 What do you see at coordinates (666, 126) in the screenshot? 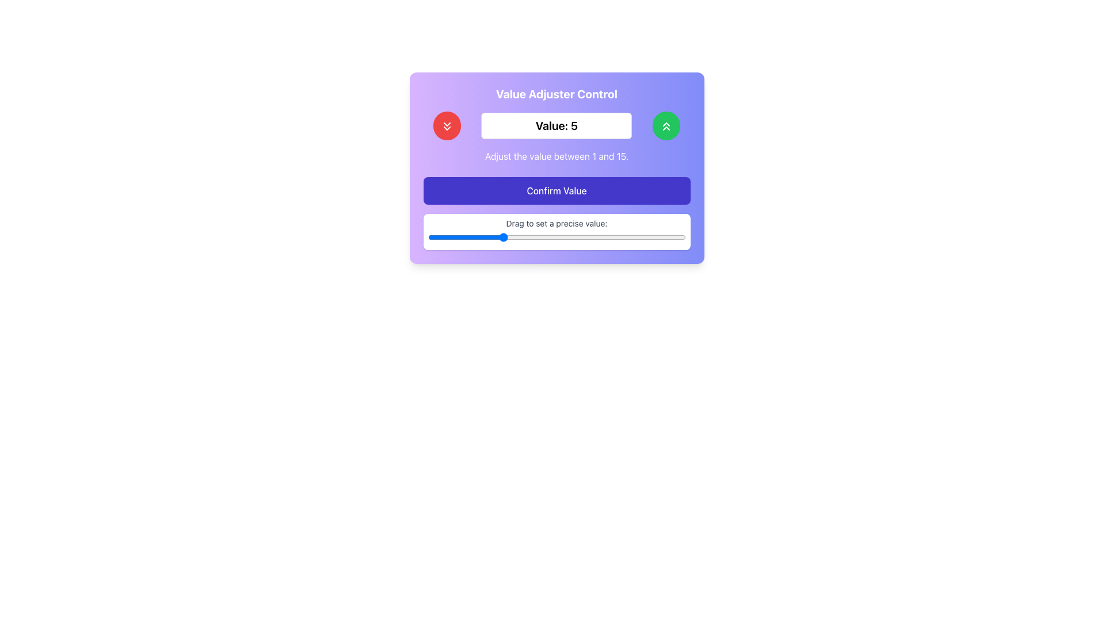
I see `the circular button icon on the right-hand side of the 'Value Adjuster Control' interface to increase the displayed numerical value` at bounding box center [666, 126].